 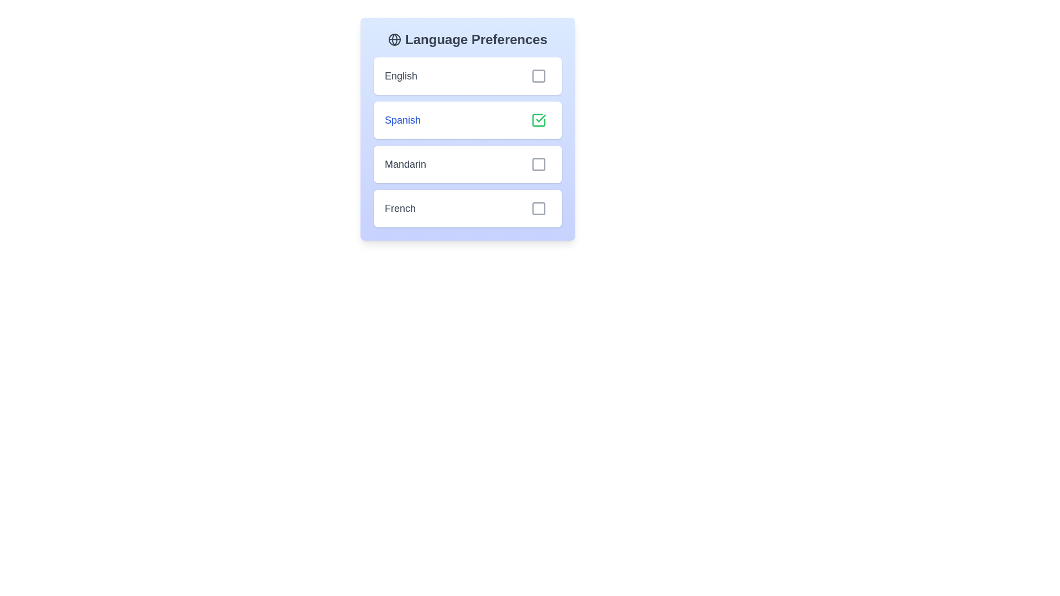 What do you see at coordinates (399, 209) in the screenshot?
I see `the 'French' language text label` at bounding box center [399, 209].